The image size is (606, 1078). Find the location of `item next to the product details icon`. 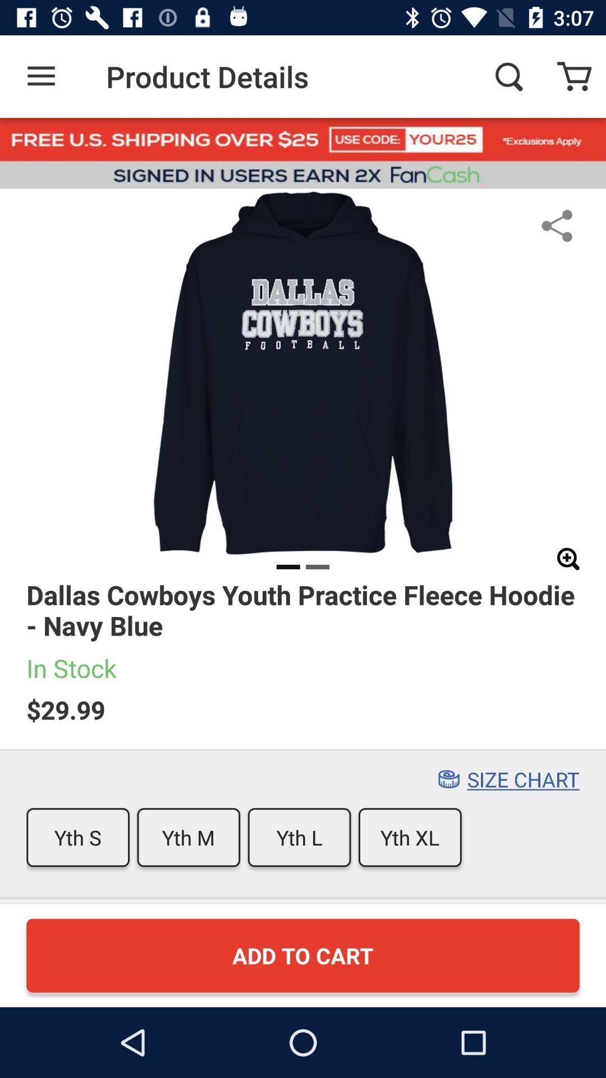

item next to the product details icon is located at coordinates (40, 76).